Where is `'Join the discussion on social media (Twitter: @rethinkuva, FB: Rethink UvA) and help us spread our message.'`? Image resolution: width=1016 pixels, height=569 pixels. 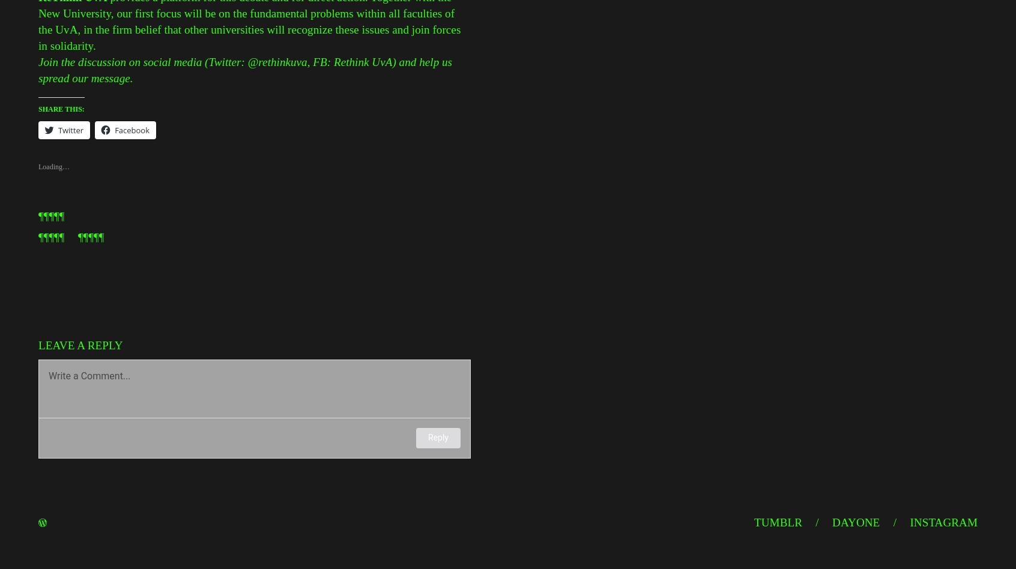
'Join the discussion on social media (Twitter: @rethinkuva, FB: Rethink UvA) and help us spread our message.' is located at coordinates (245, 70).